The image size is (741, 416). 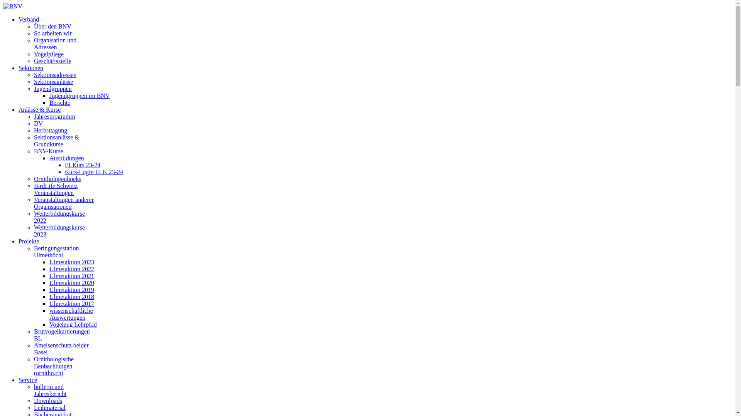 I want to click on 'Ulmetaktion 2023', so click(x=72, y=262).